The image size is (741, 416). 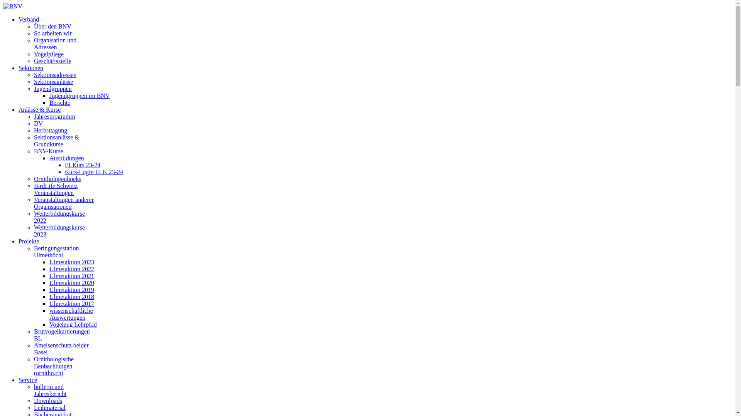 I want to click on 'Ulmetaktion 2023', so click(x=72, y=262).